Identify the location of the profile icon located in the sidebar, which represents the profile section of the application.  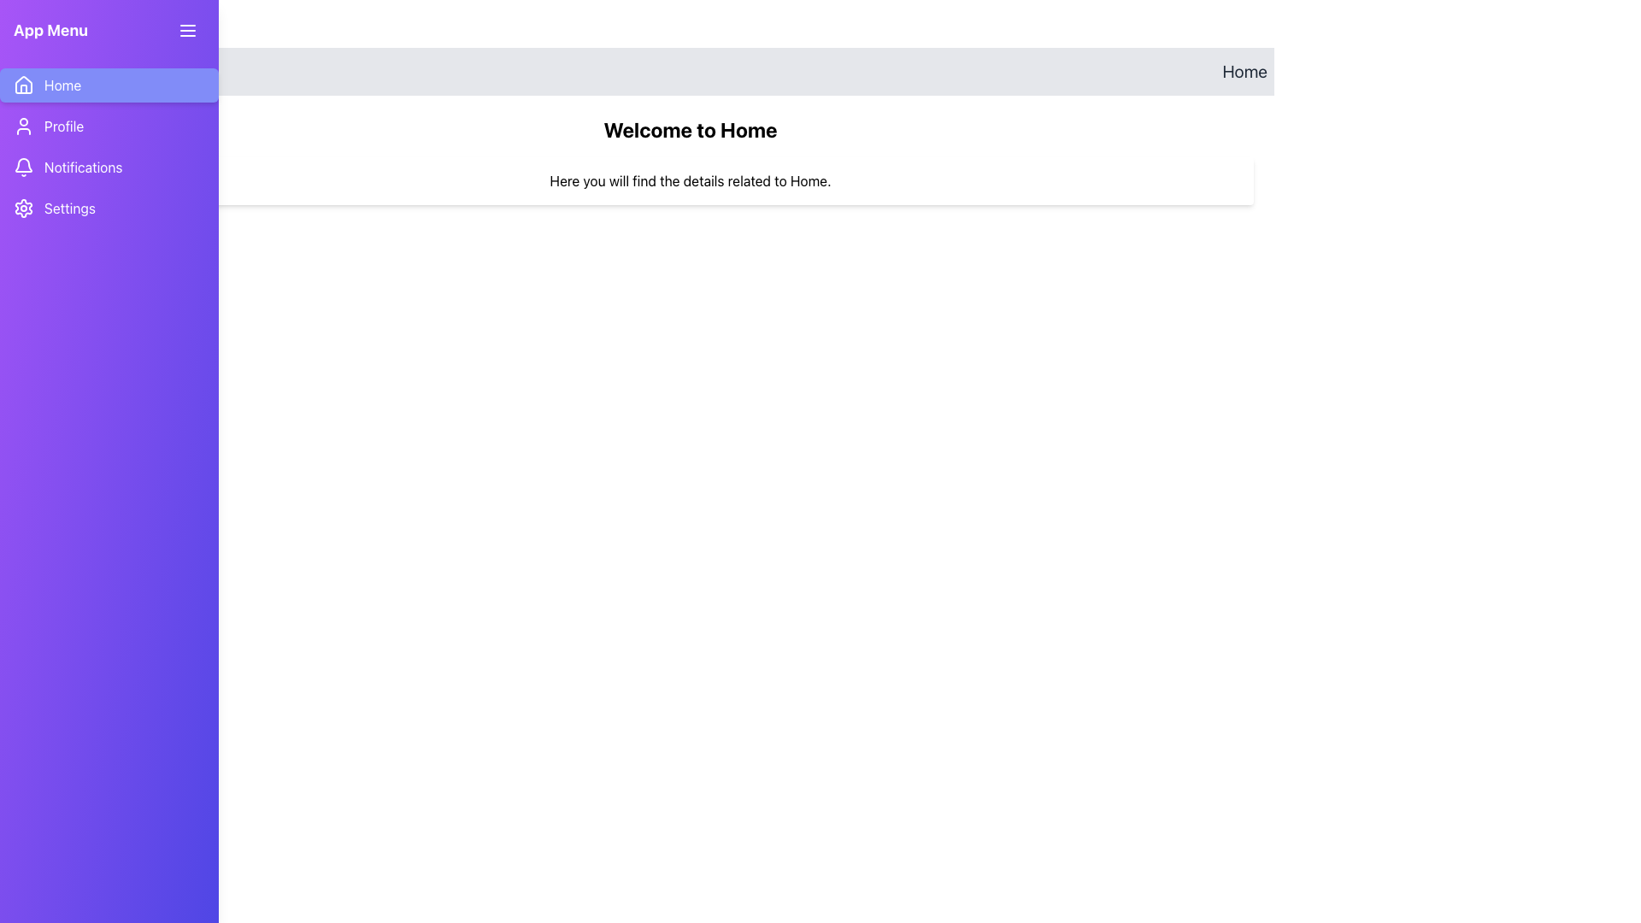
(24, 125).